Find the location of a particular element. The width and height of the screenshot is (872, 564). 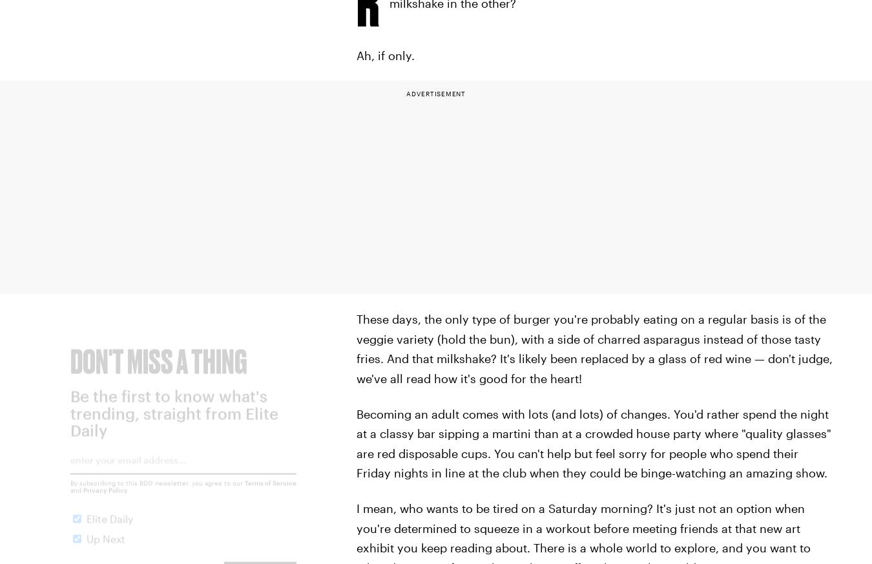

'Up Next' is located at coordinates (106, 548).